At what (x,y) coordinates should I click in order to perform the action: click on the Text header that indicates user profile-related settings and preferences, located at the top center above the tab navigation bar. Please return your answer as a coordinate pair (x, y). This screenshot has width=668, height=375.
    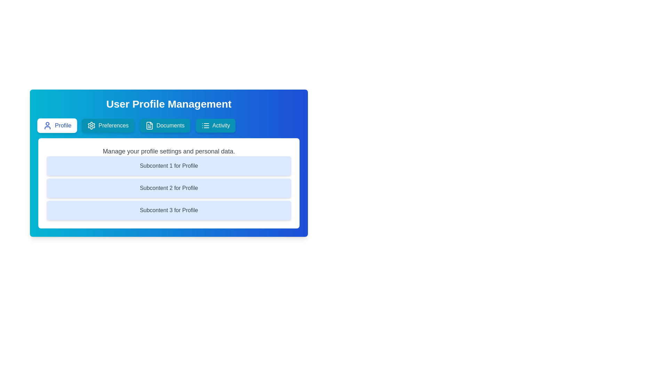
    Looking at the image, I should click on (169, 104).